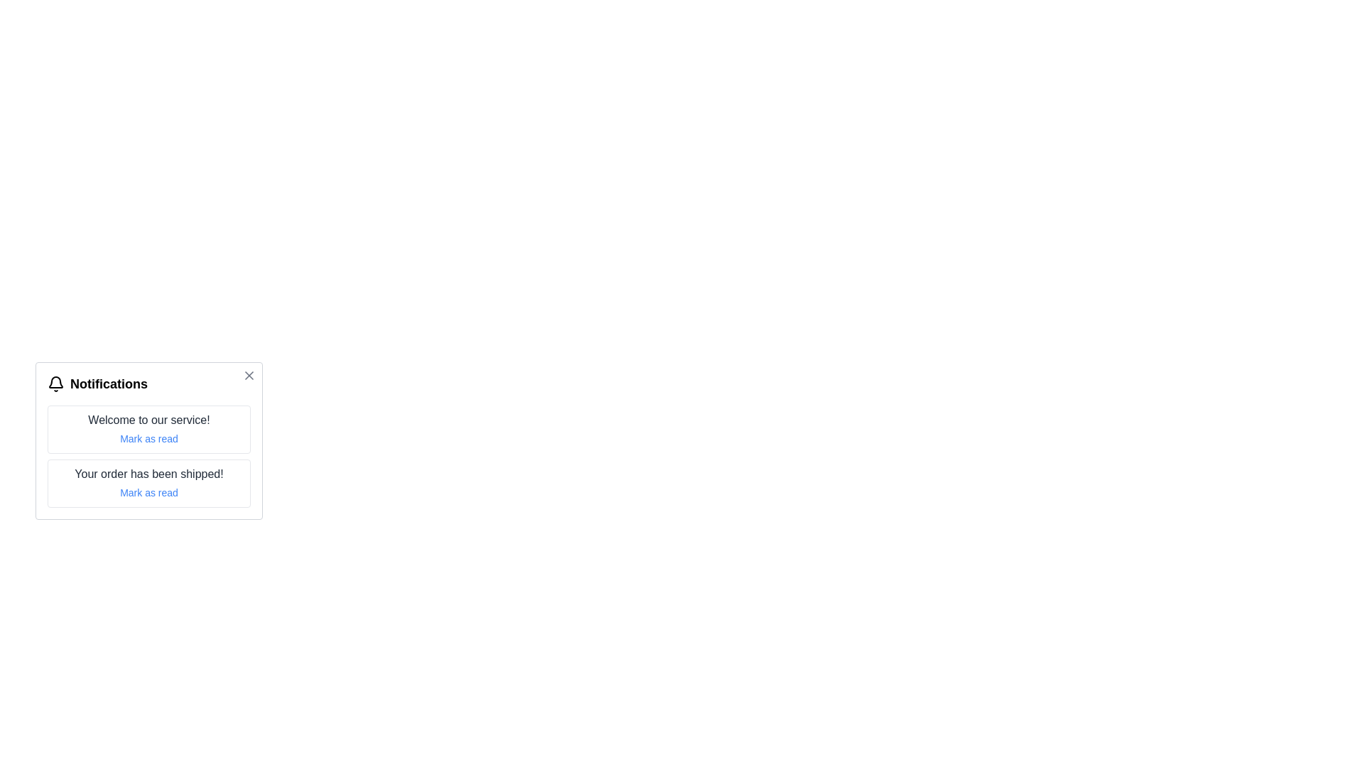 Image resolution: width=1364 pixels, height=767 pixels. Describe the element at coordinates (149, 419) in the screenshot. I see `the text label that states 'Welcome to our service!' which is styled with a dark gray font color and is located in a white, rounded rectangular notification card` at that location.